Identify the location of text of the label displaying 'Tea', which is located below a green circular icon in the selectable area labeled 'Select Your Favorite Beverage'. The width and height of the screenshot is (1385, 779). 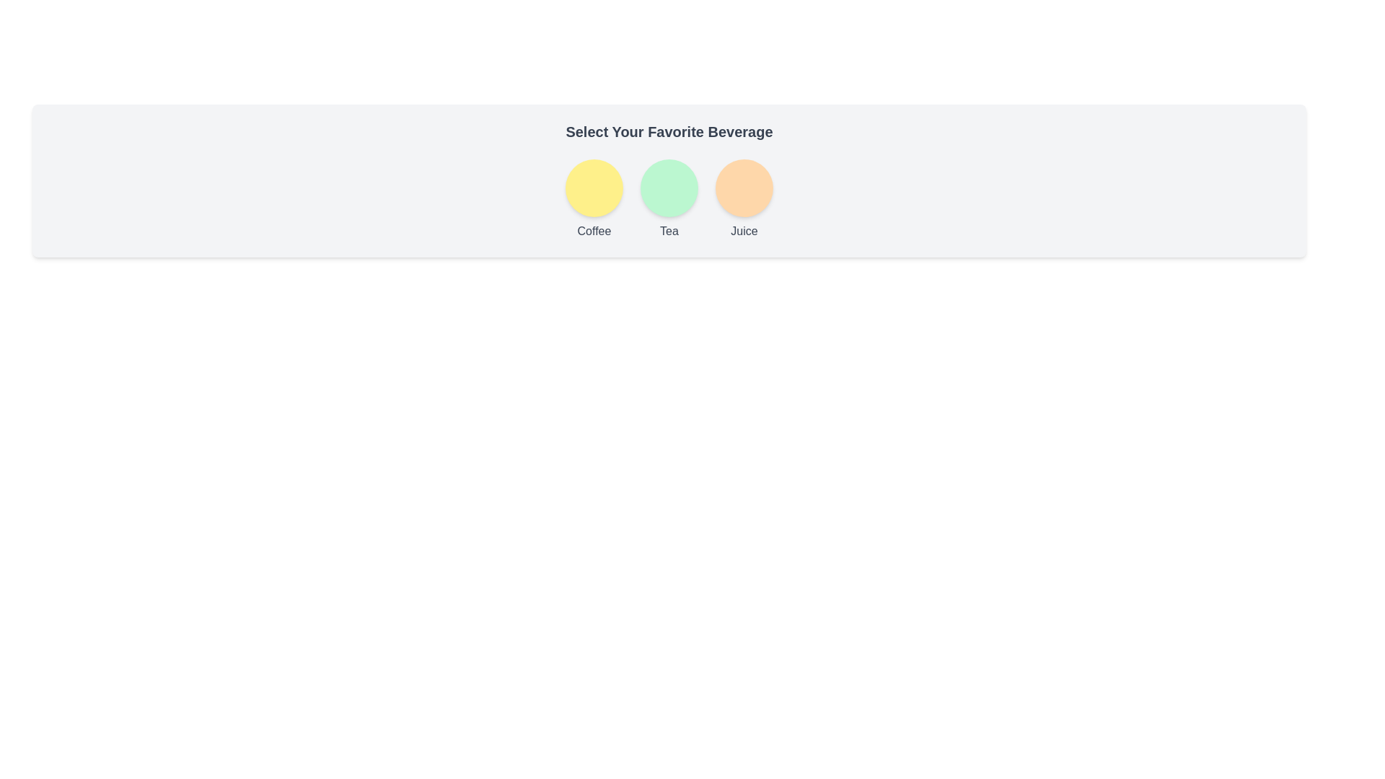
(668, 230).